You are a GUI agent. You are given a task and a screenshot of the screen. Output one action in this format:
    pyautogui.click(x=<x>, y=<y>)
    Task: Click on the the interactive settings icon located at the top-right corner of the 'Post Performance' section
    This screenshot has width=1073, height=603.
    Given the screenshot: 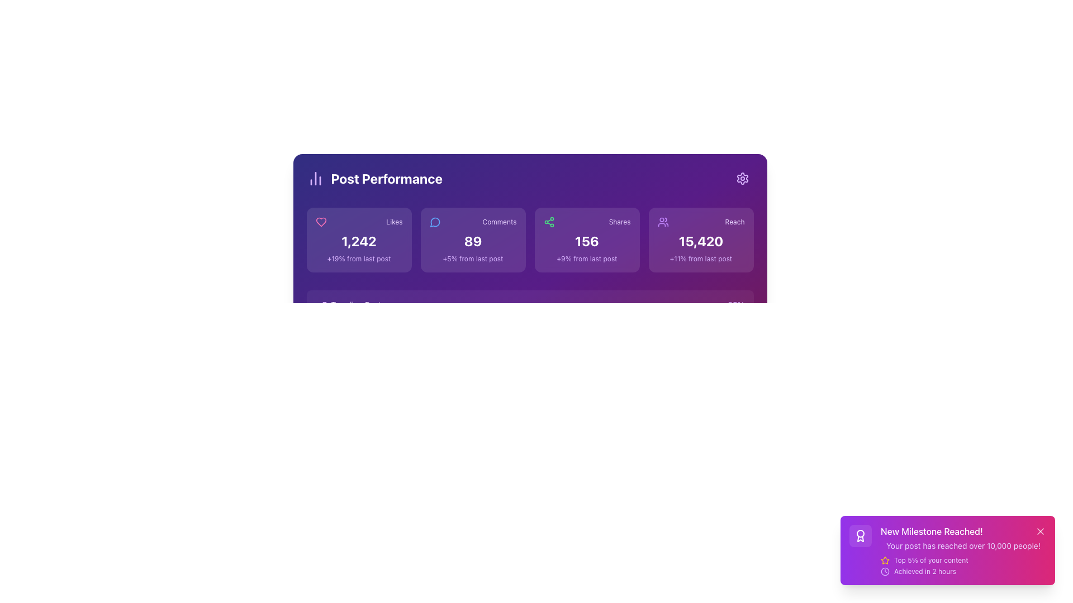 What is the action you would take?
    pyautogui.click(x=742, y=178)
    